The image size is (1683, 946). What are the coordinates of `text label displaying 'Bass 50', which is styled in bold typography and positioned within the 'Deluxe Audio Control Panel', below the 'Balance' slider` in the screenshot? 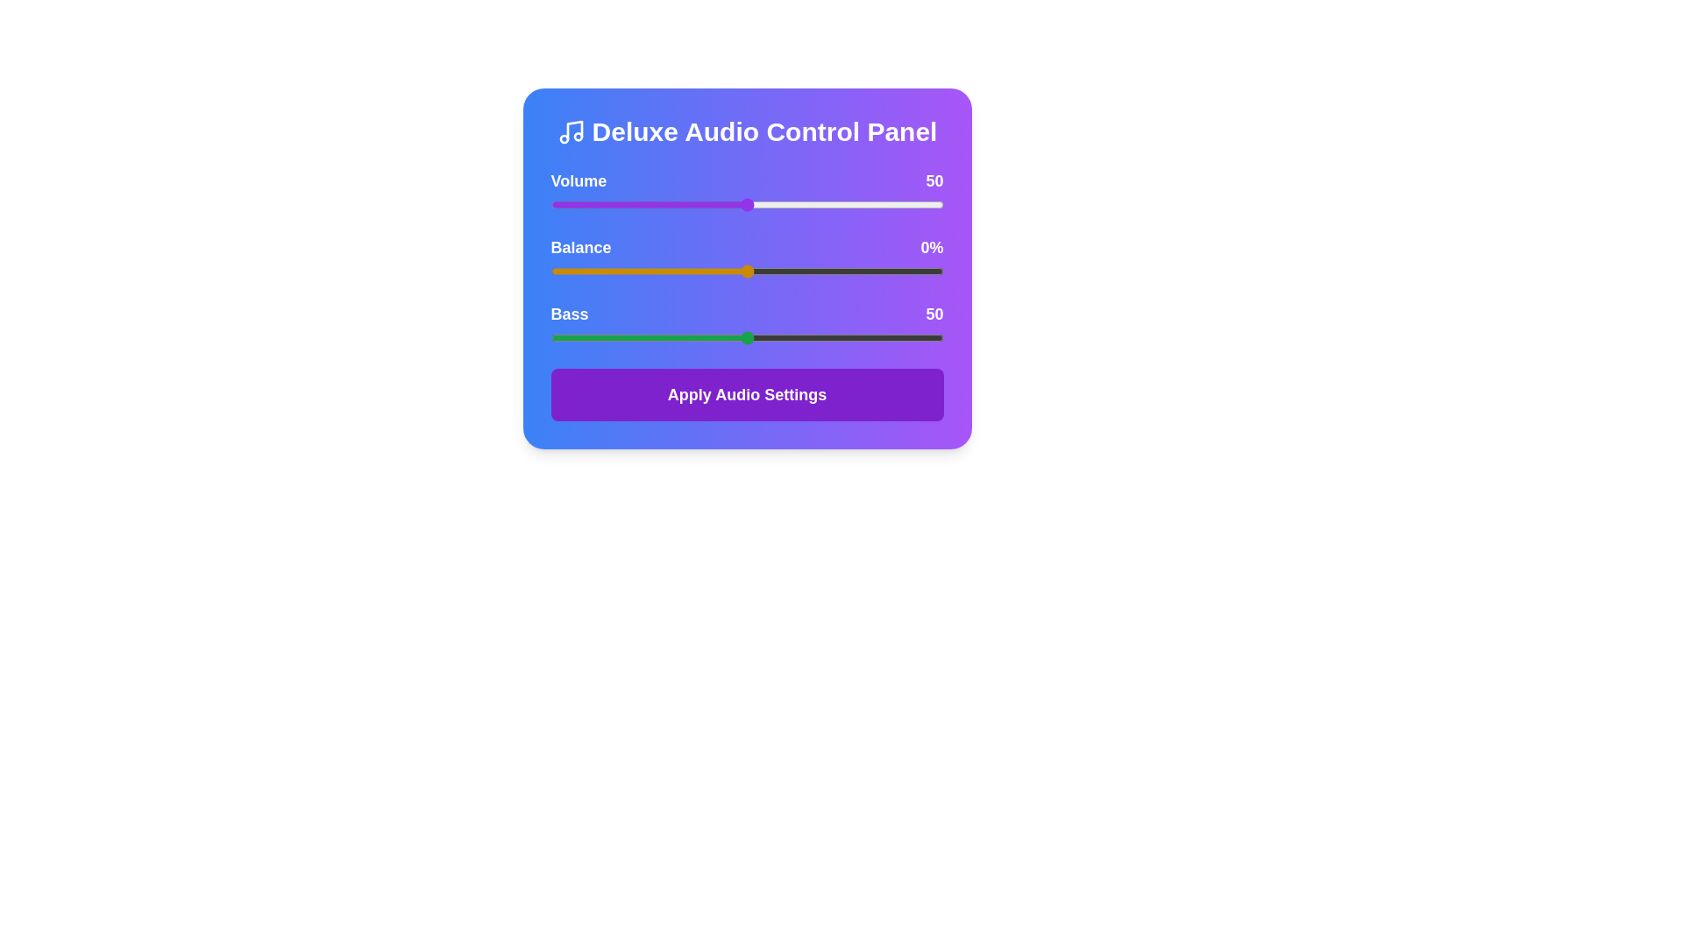 It's located at (747, 313).